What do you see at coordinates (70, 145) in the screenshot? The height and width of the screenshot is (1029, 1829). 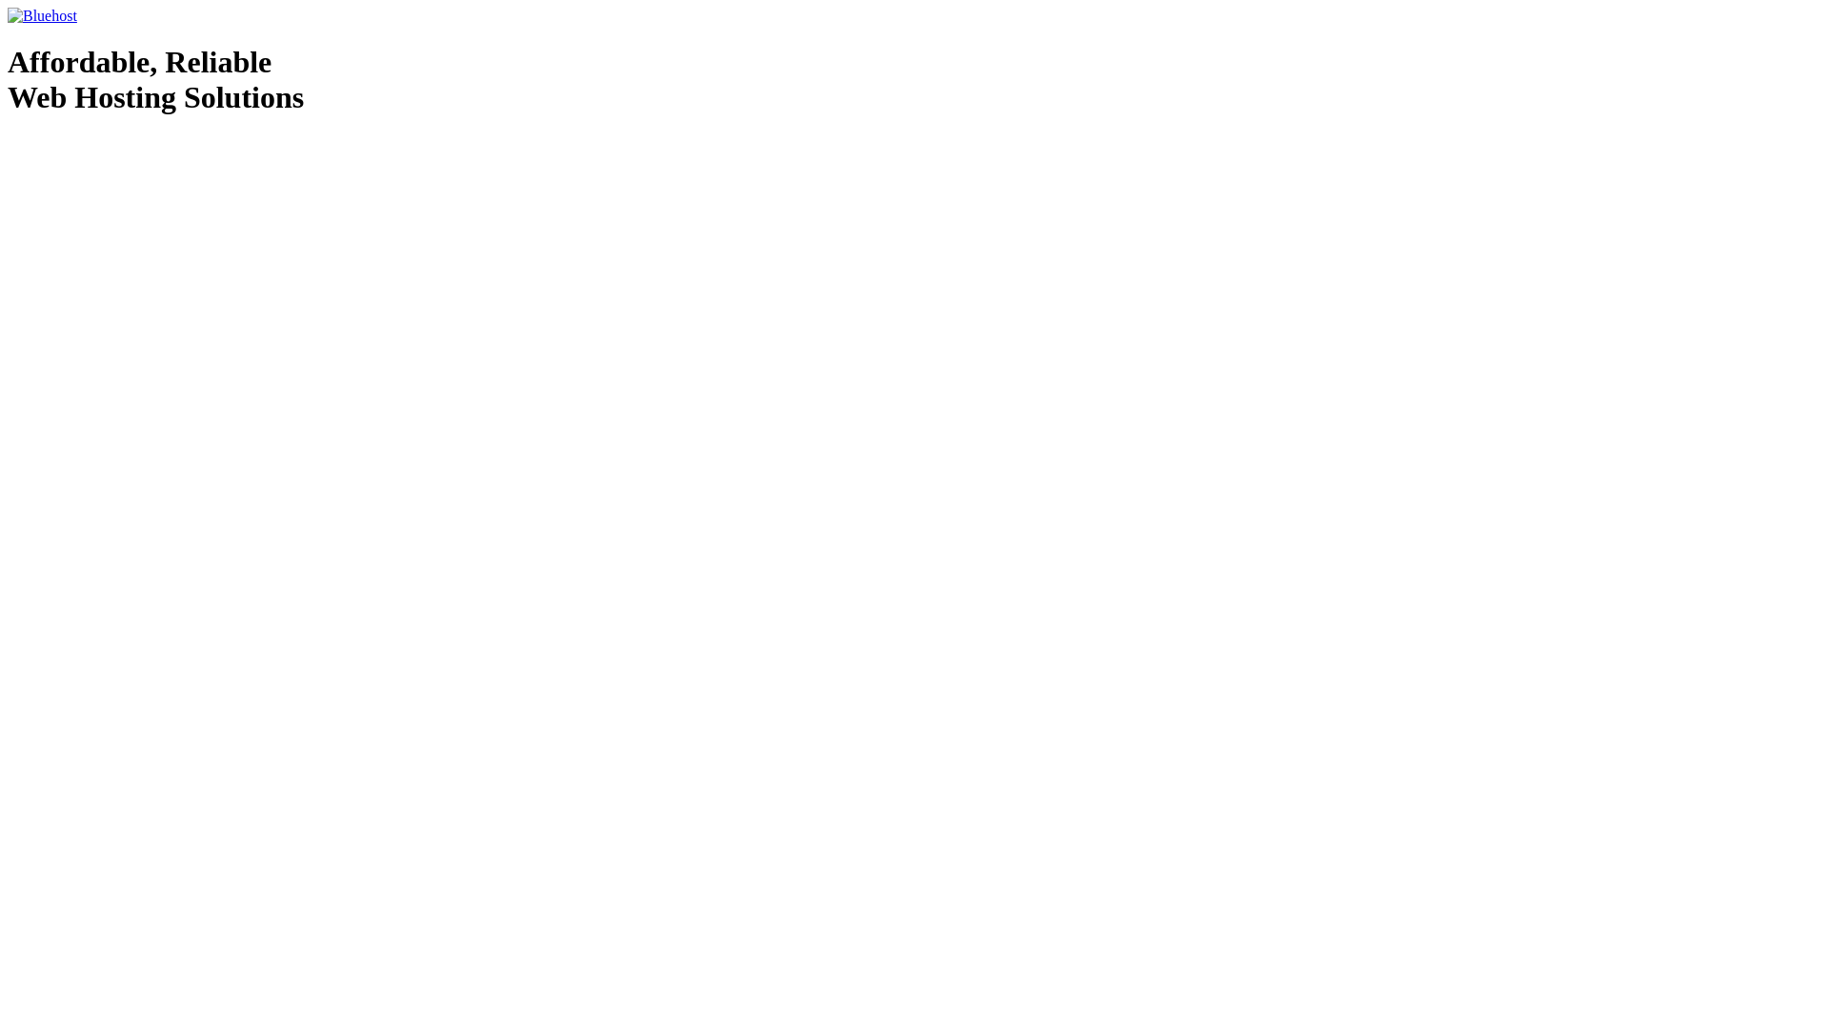 I see `'Web Hosting - courtesy of'` at bounding box center [70, 145].